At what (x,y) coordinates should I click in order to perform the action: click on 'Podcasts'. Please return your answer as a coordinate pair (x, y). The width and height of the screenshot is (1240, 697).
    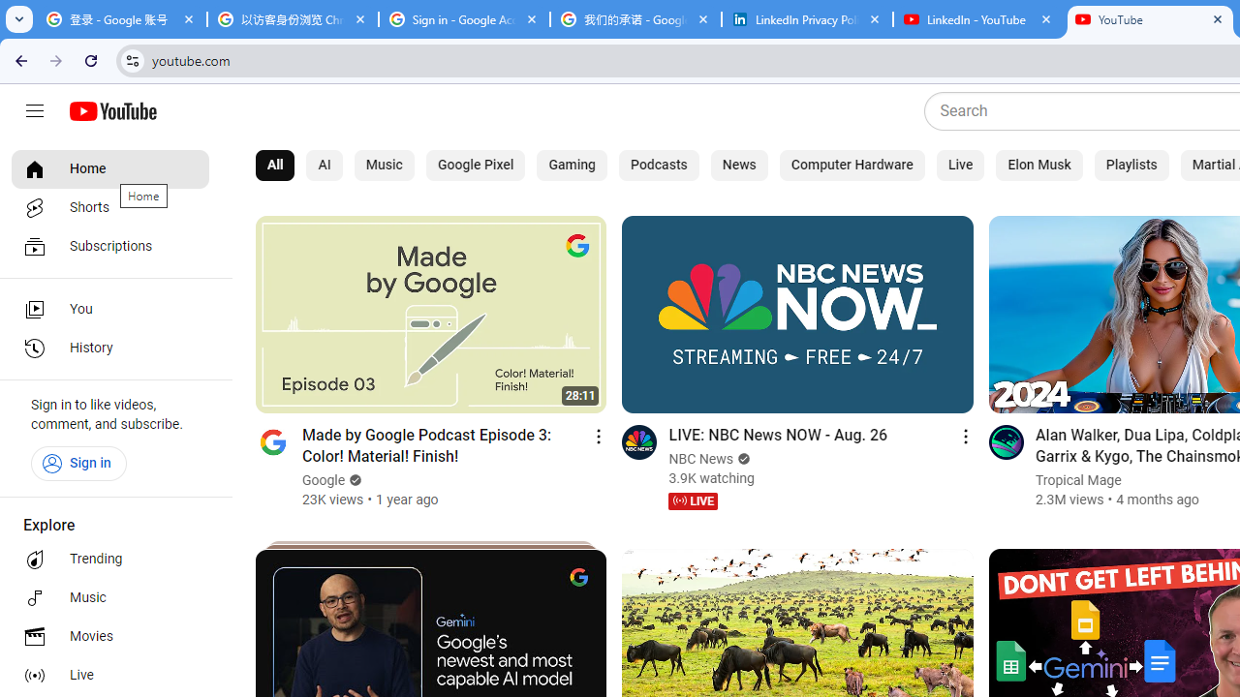
    Looking at the image, I should click on (659, 165).